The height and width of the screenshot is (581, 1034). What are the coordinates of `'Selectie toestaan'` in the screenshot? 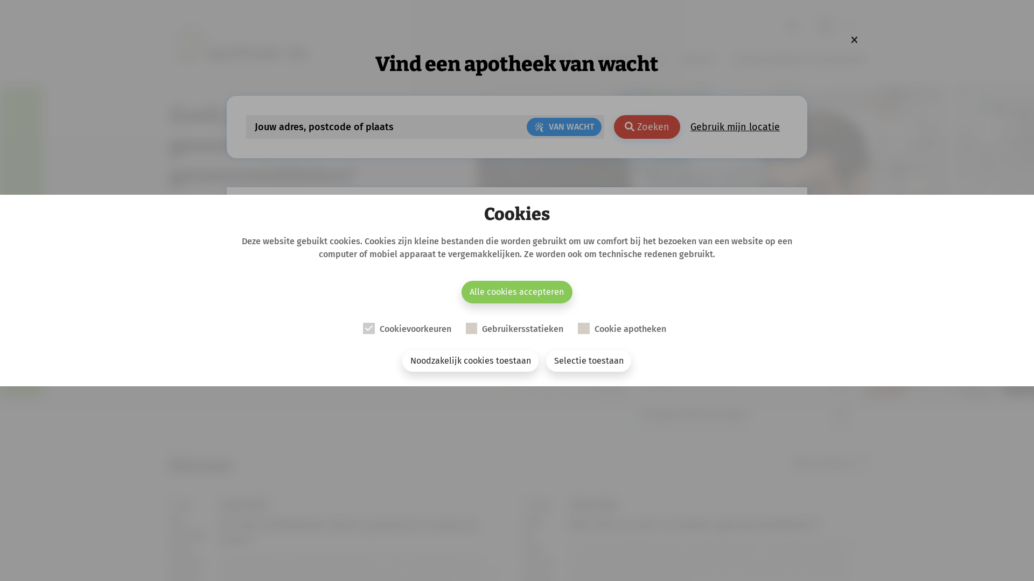 It's located at (546, 361).